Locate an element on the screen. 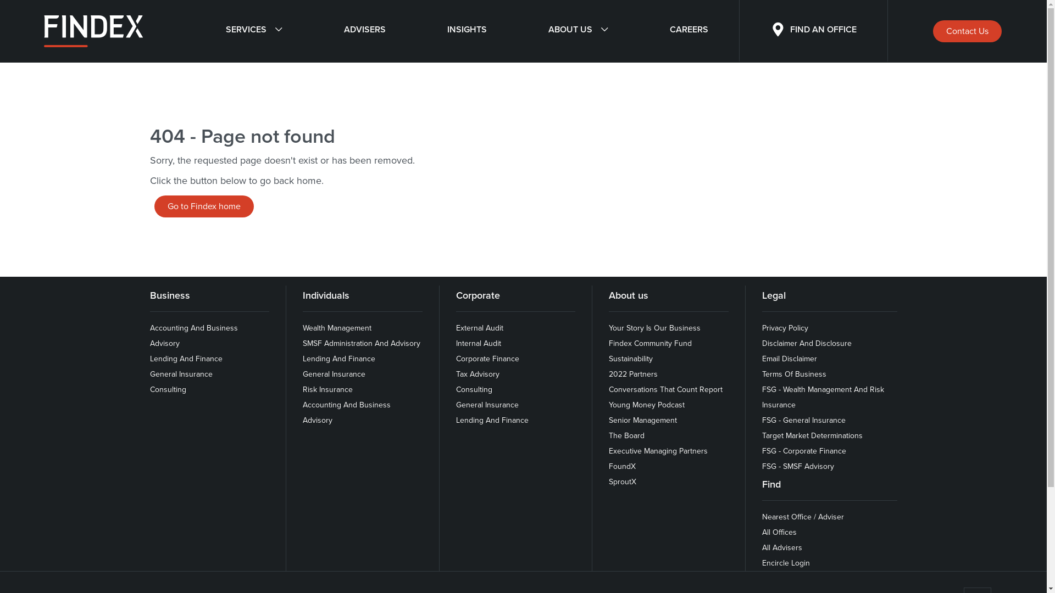  'Sustainability' is located at coordinates (630, 359).